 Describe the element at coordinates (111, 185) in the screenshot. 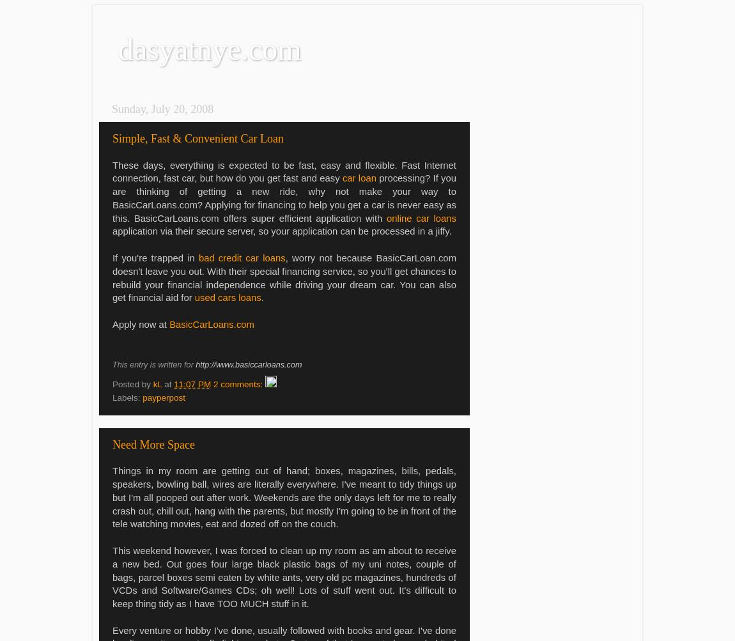

I see `'processing? If you are thinking of'` at that location.